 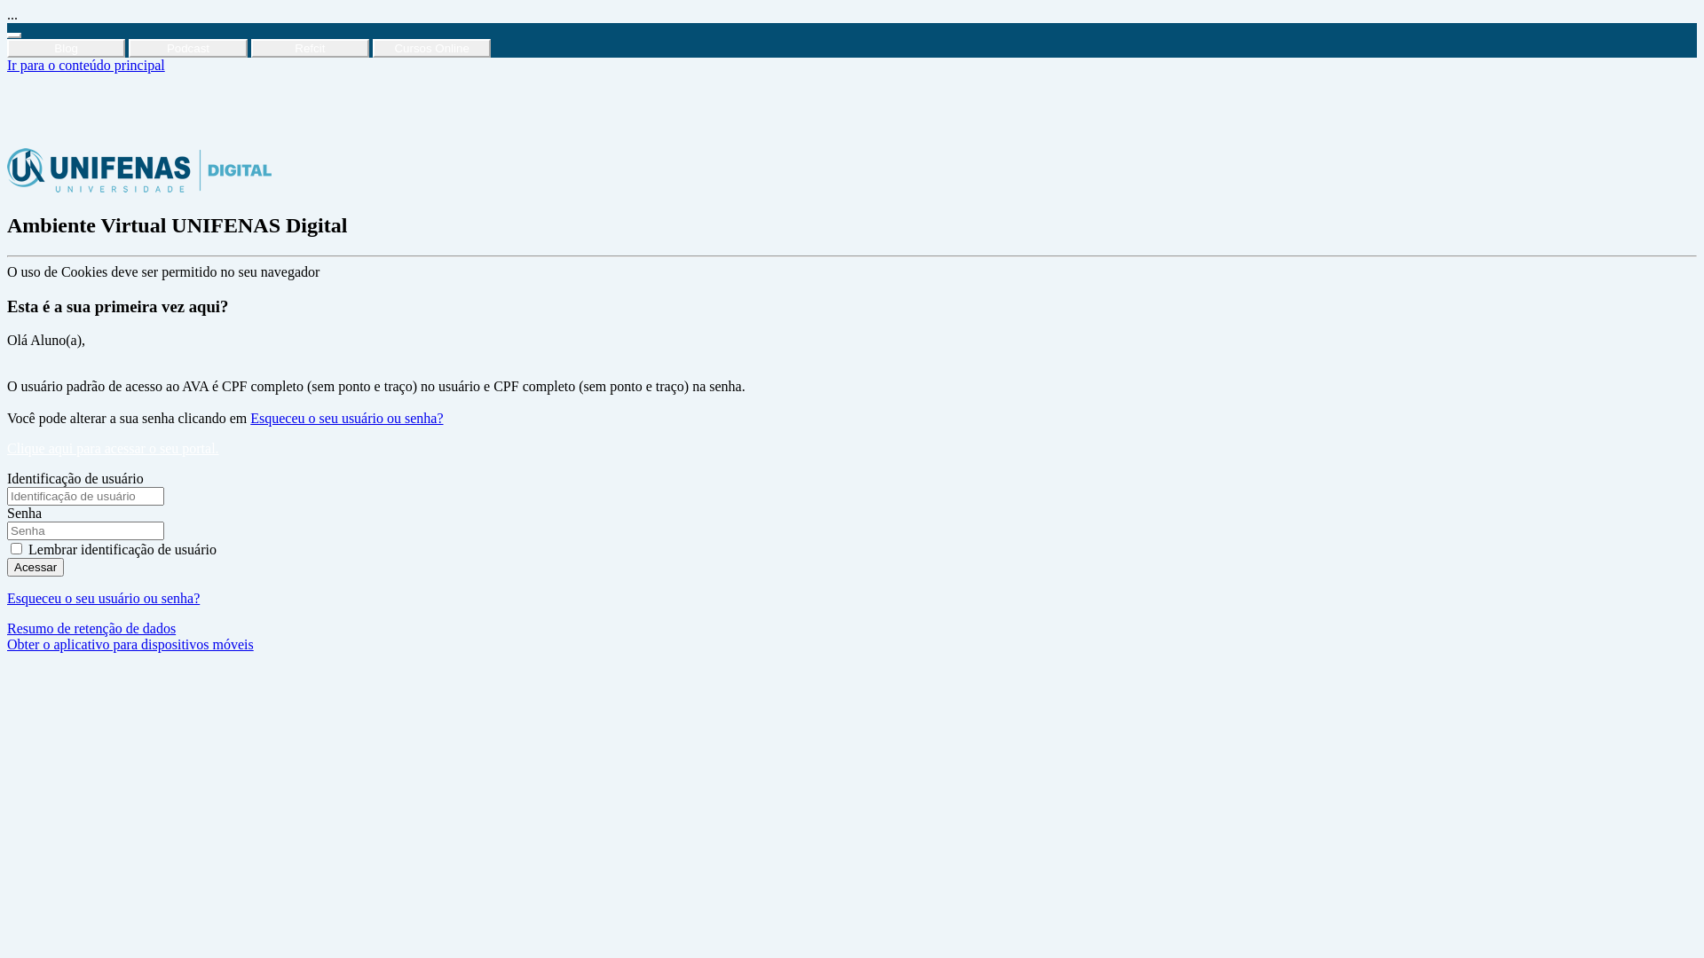 What do you see at coordinates (431, 47) in the screenshot?
I see `'Cursos Online'` at bounding box center [431, 47].